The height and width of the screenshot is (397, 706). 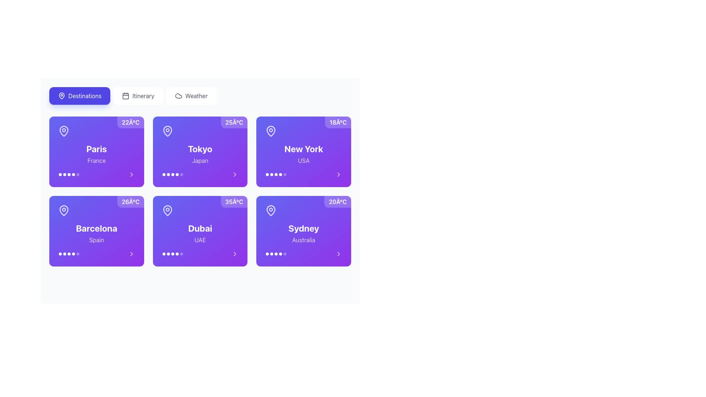 What do you see at coordinates (191, 96) in the screenshot?
I see `the navigational button for accessing weather-related information` at bounding box center [191, 96].